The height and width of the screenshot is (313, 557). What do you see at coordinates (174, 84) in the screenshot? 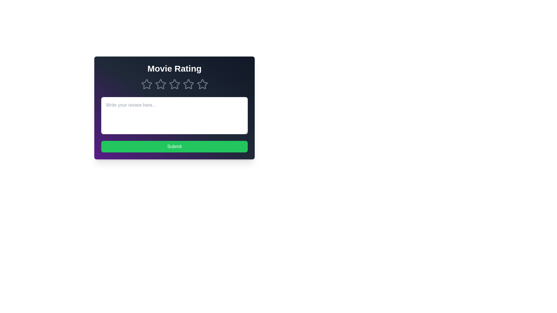
I see `the movie rating to 3 stars by clicking on the respective star` at bounding box center [174, 84].